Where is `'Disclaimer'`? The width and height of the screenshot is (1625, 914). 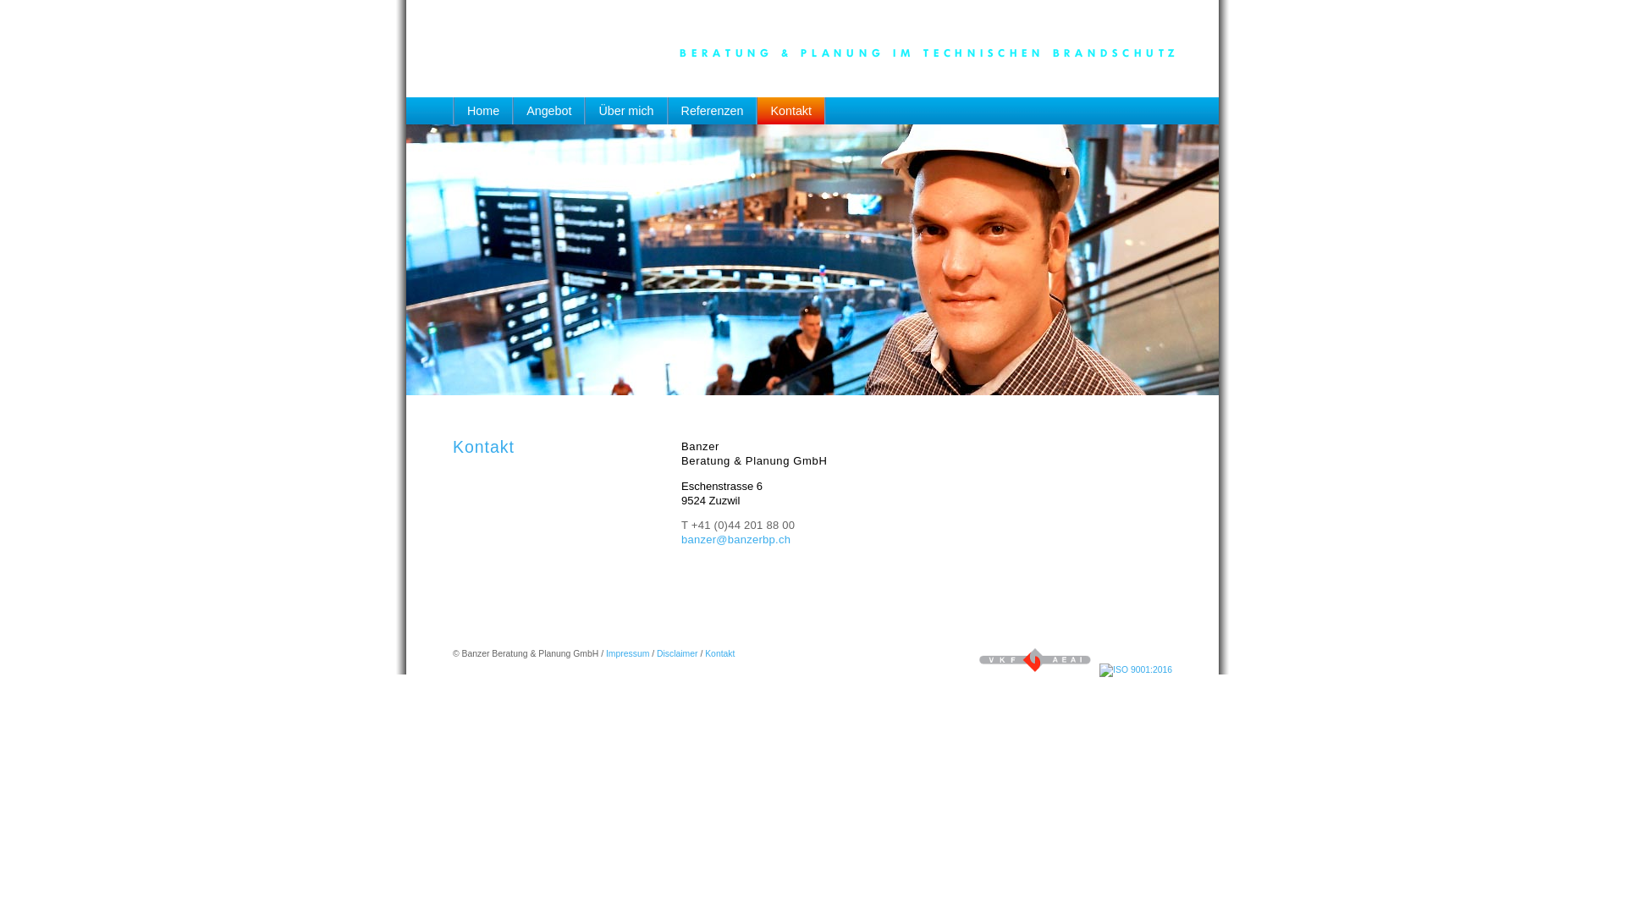
'Disclaimer' is located at coordinates (677, 652).